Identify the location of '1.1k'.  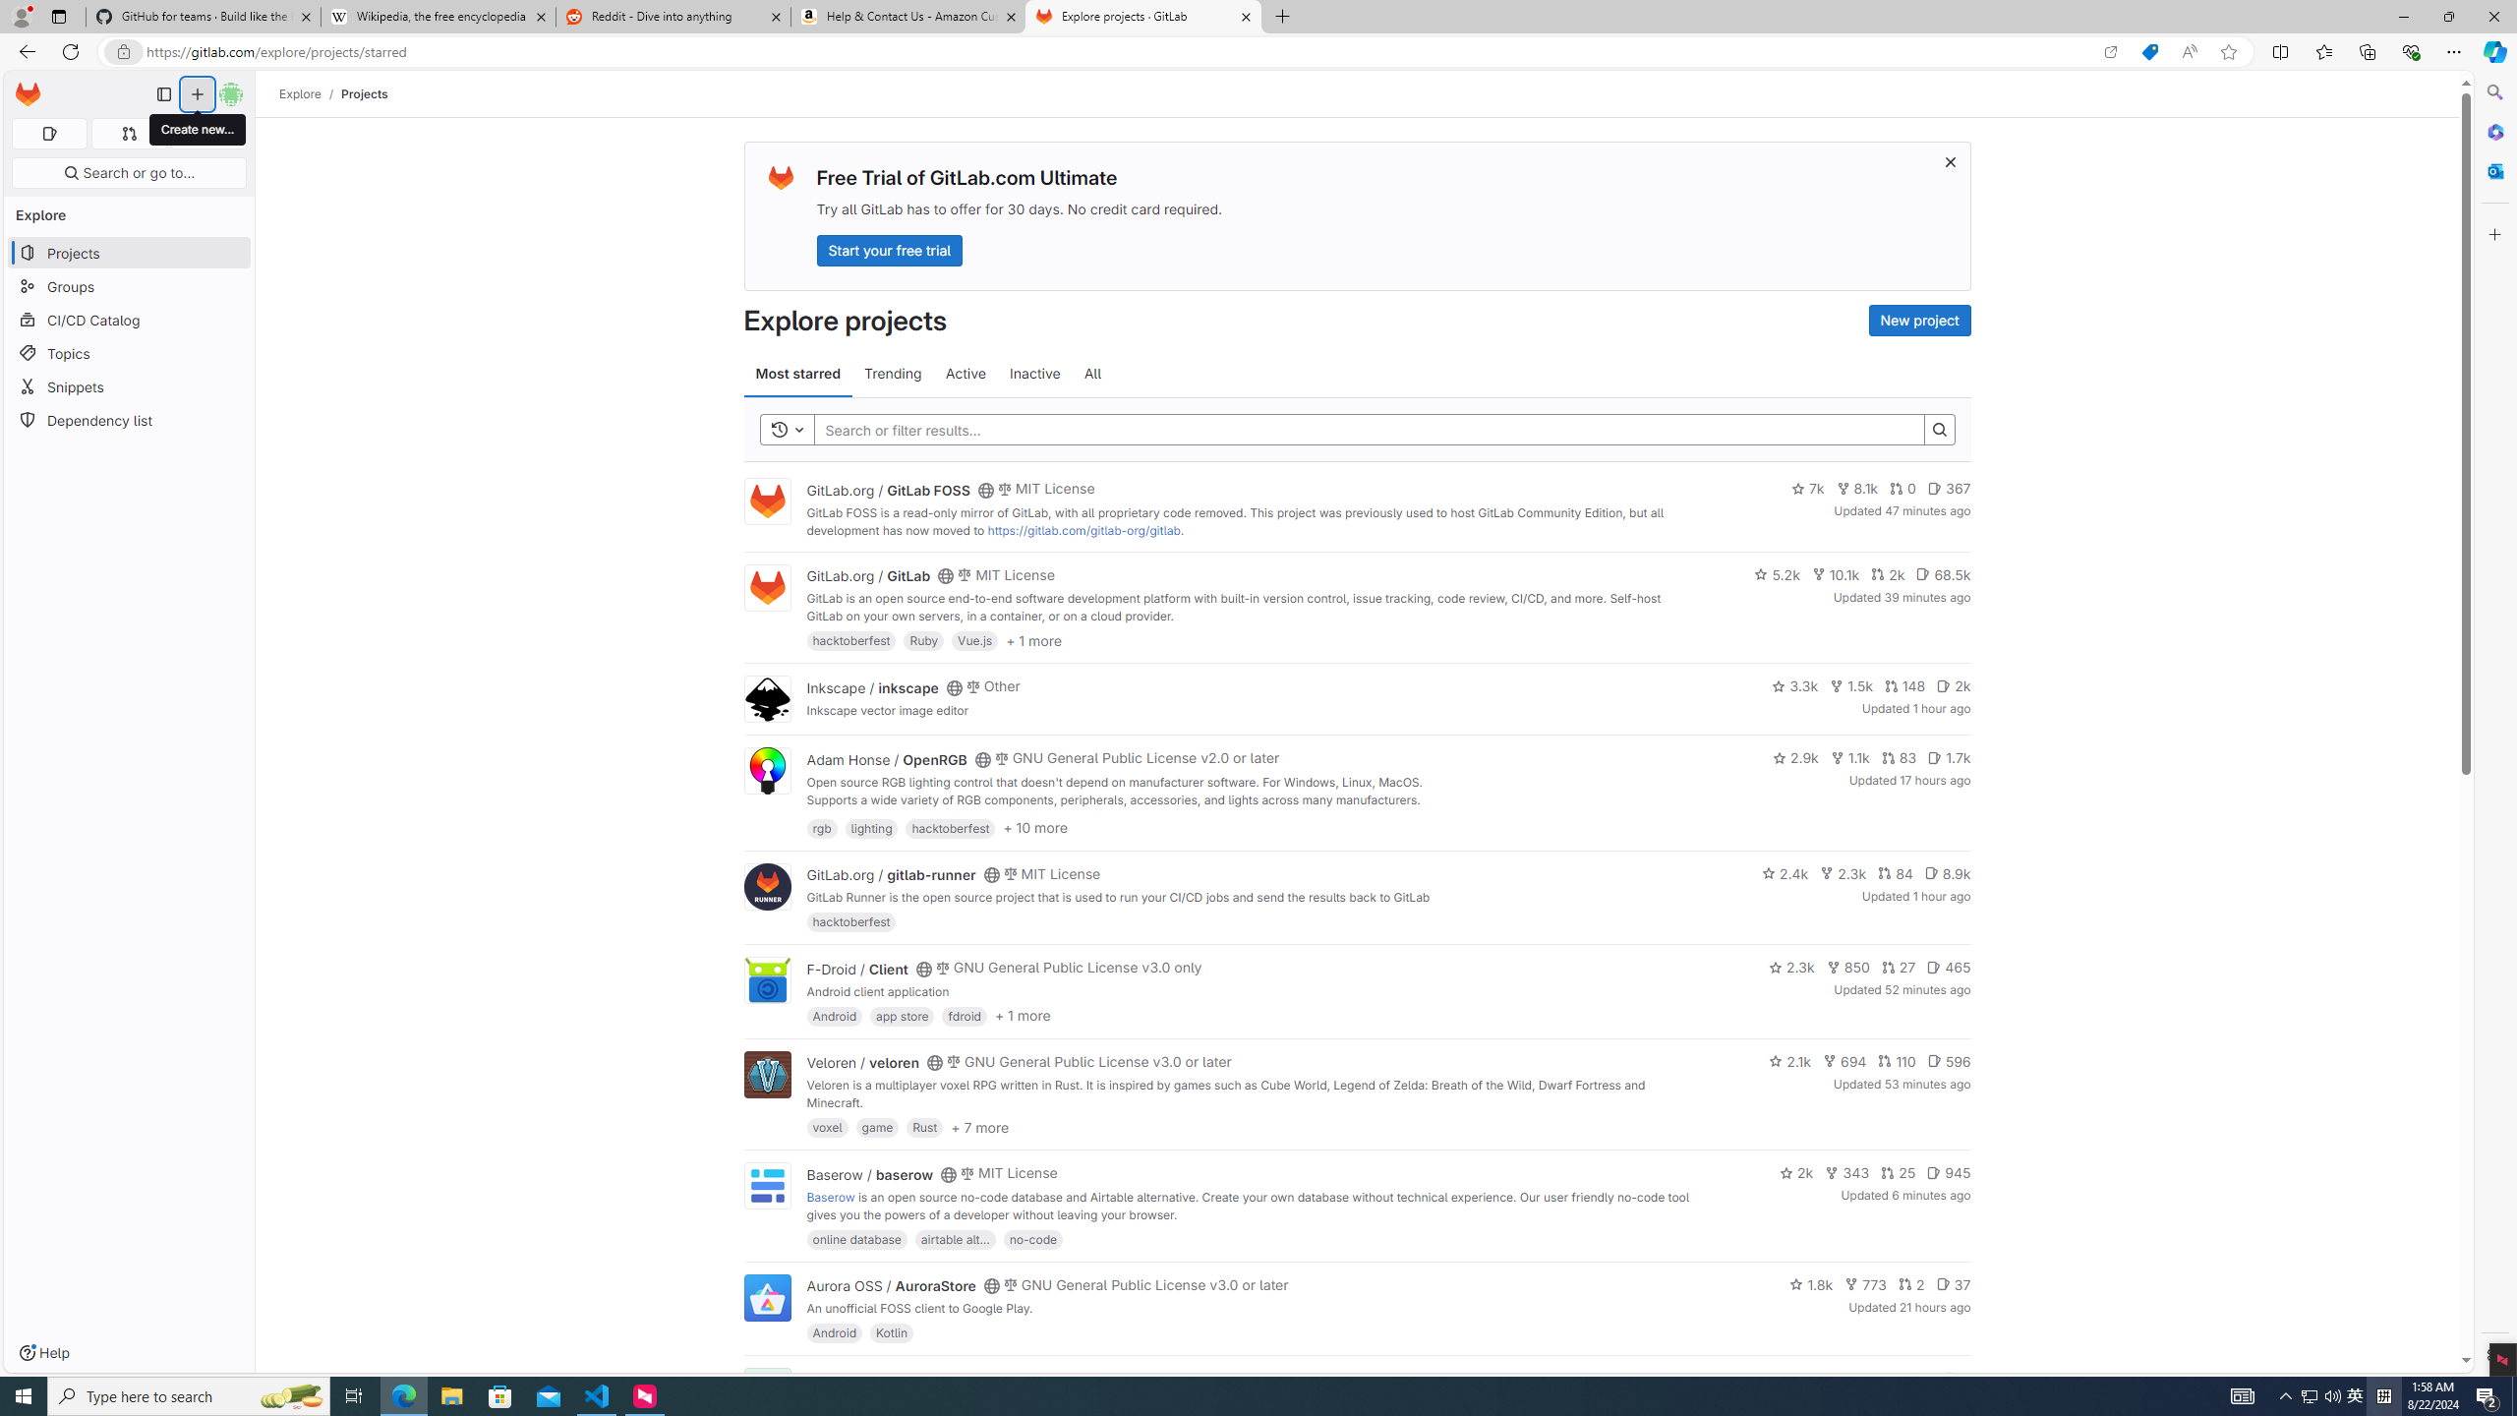
(1848, 757).